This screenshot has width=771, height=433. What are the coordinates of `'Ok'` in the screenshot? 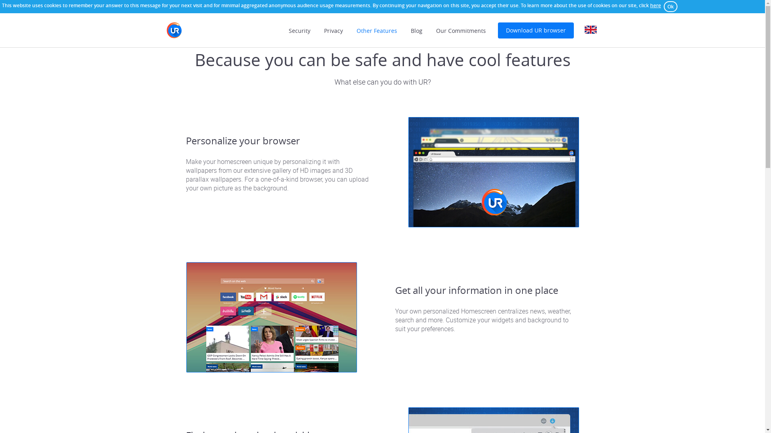 It's located at (663, 6).